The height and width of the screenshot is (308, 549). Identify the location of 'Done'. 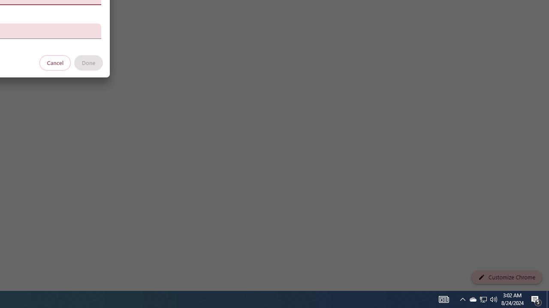
(88, 62).